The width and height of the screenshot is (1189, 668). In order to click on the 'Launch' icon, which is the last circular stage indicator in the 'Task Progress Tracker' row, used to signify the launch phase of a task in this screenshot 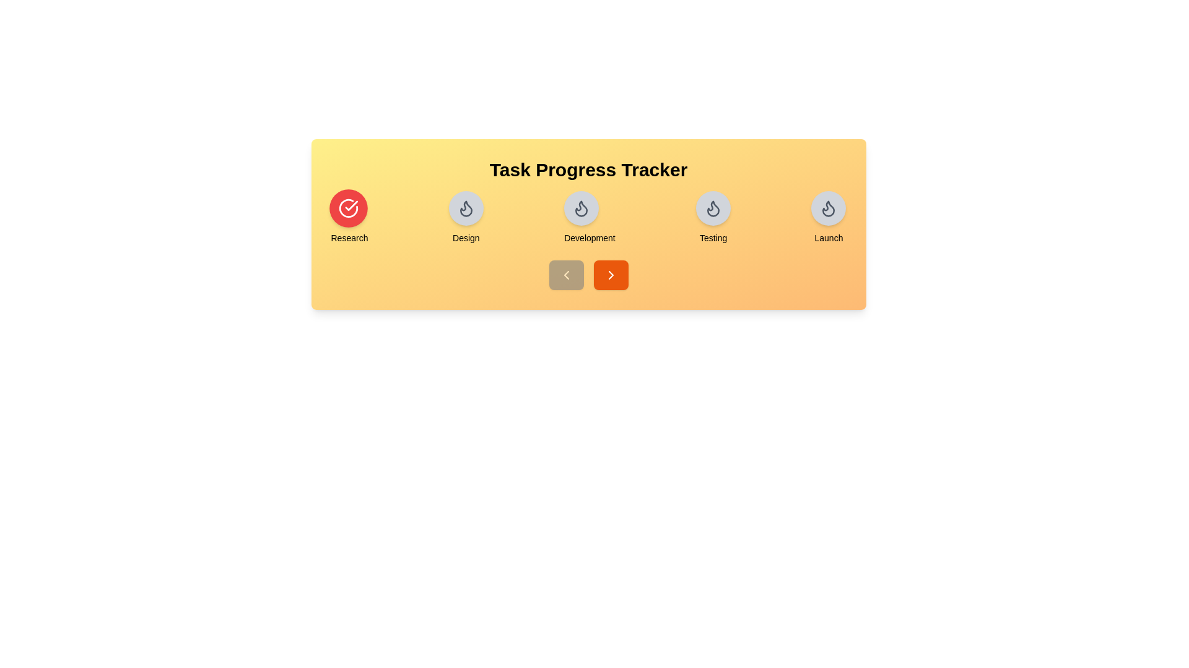, I will do `click(829, 207)`.